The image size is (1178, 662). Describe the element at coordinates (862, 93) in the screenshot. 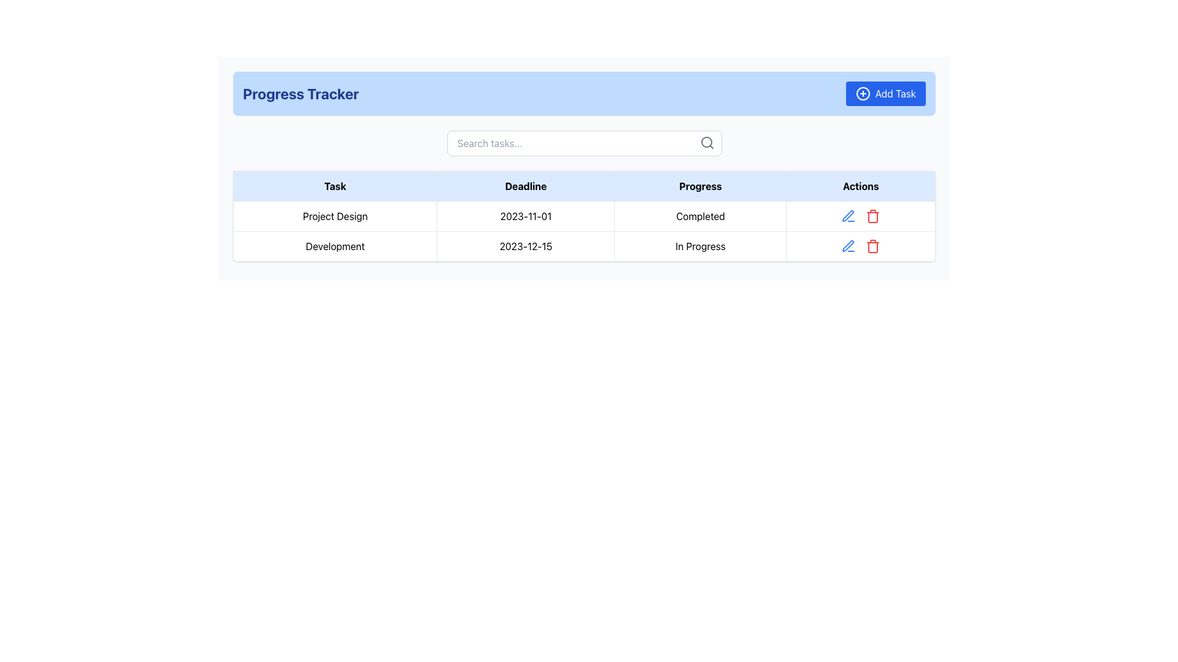

I see `the circular icon with a plus sign in the middle, which is located to the left of the 'Add Task' button` at that location.